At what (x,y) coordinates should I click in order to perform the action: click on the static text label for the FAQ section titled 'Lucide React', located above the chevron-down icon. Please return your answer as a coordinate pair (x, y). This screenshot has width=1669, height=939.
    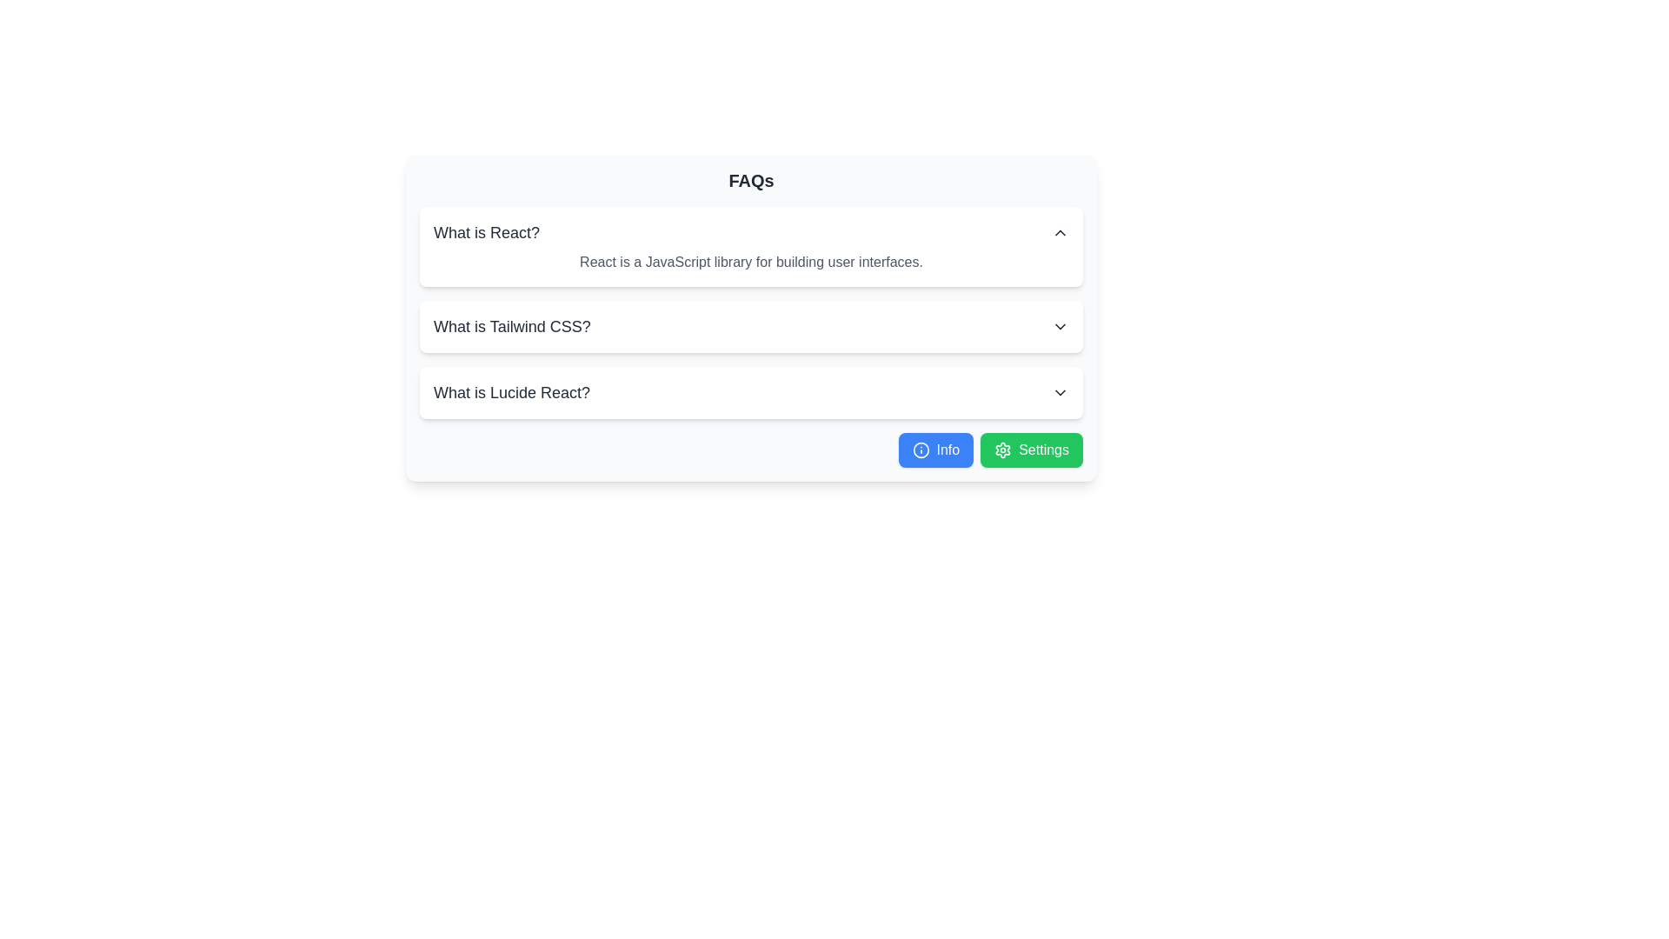
    Looking at the image, I should click on (511, 392).